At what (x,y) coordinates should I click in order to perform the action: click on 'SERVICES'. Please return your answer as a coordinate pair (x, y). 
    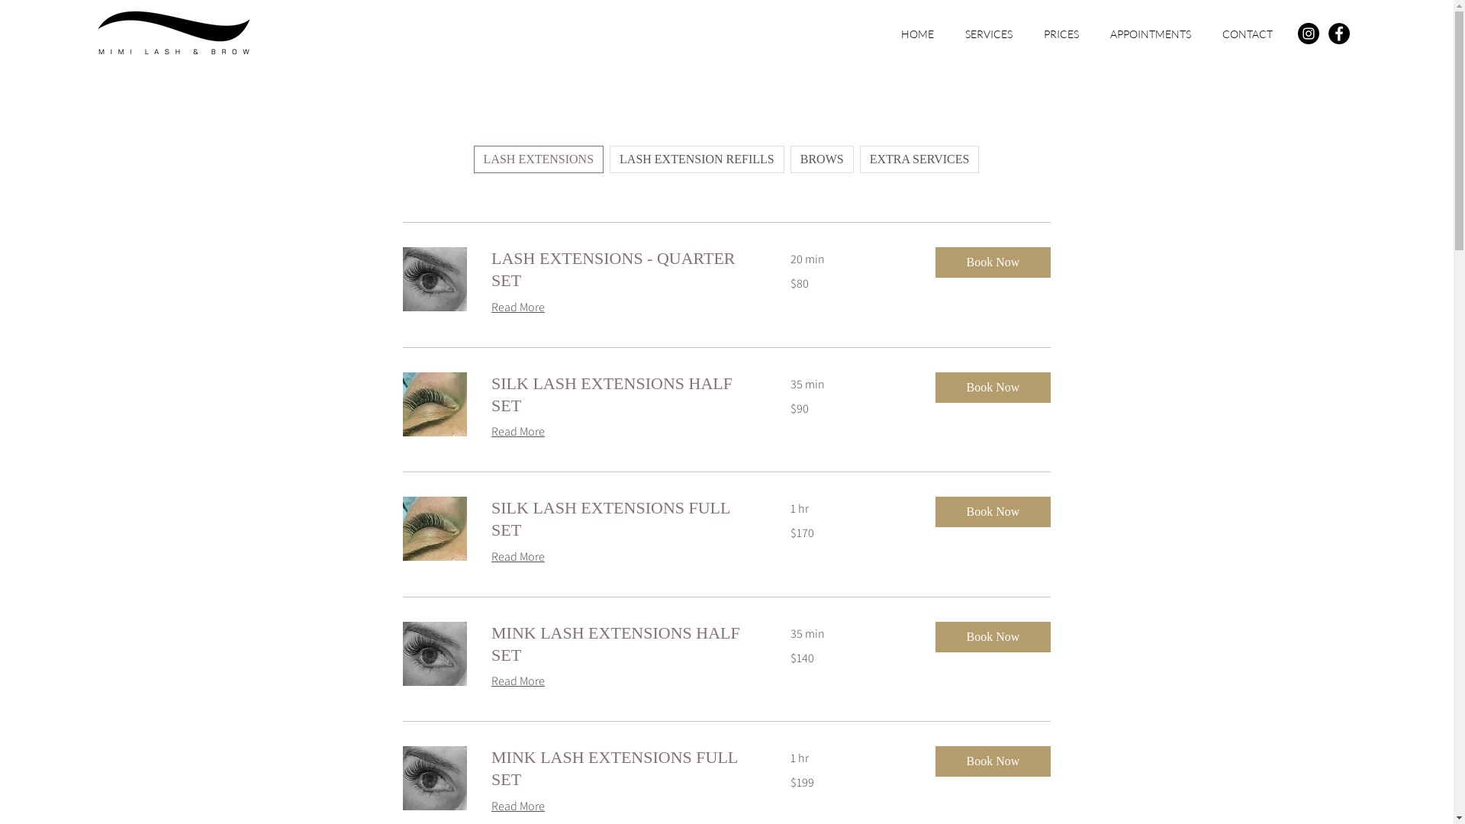
    Looking at the image, I should click on (988, 34).